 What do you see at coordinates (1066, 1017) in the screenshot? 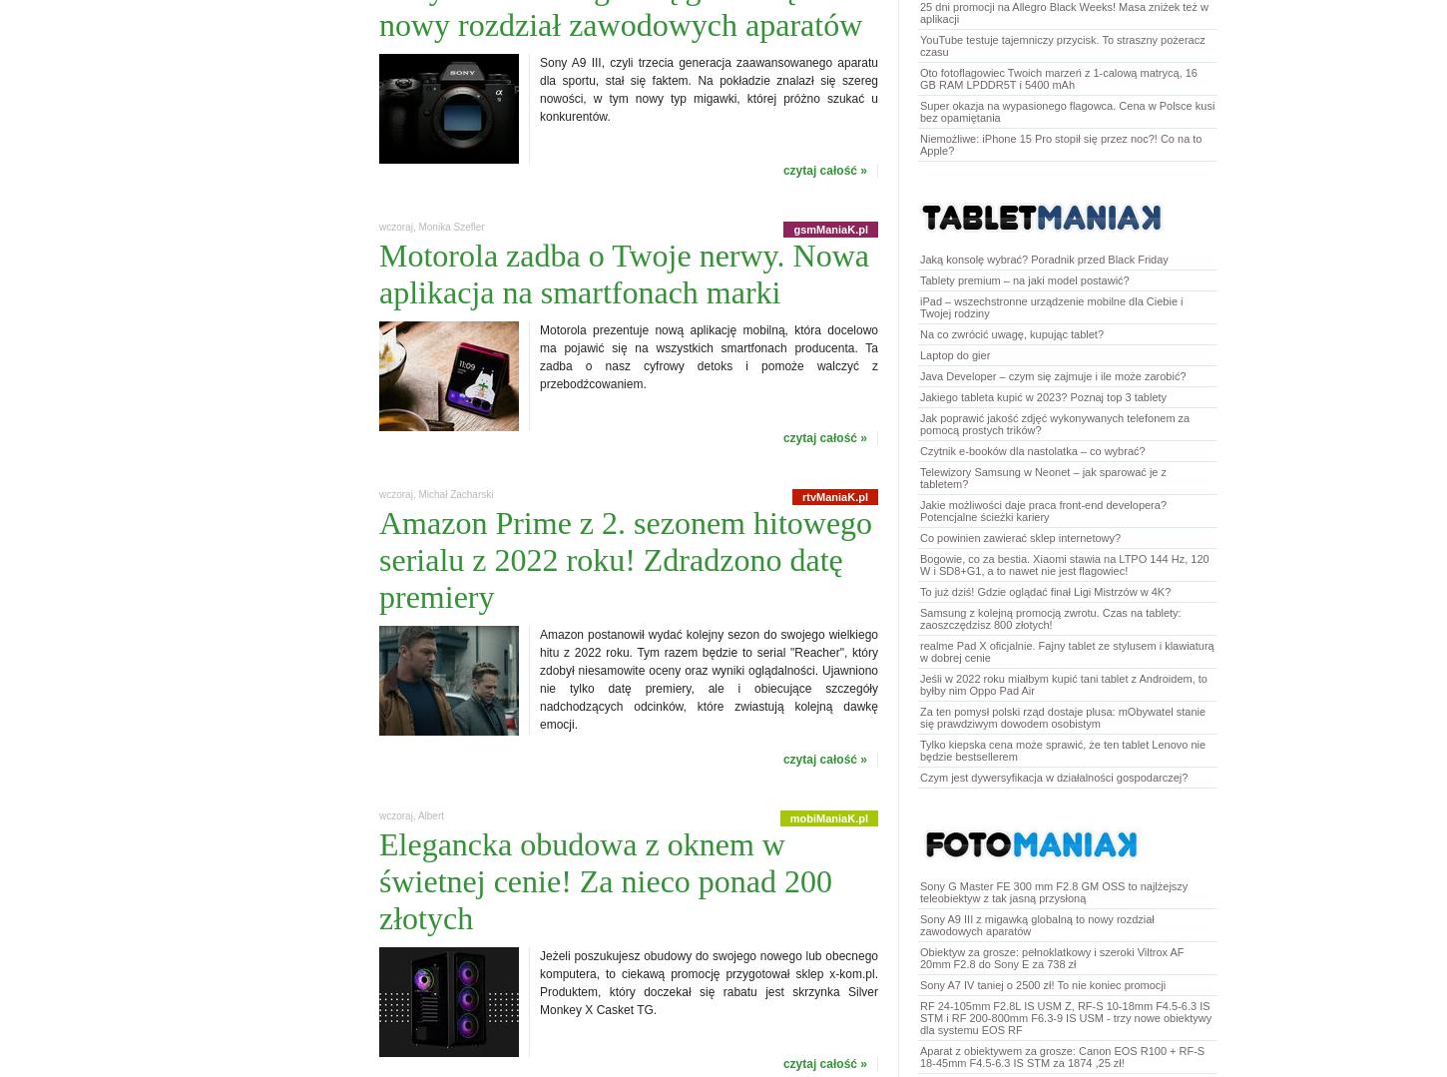
I see `'RF 24-105mm F2.8L IS USM Z, RF-S 10-18mm F4.5-6.3 IS STM i RF 200-800mm F6.3-9 IS USM - trzy nowe obiektywy dla systemu EOS RF'` at bounding box center [1066, 1017].